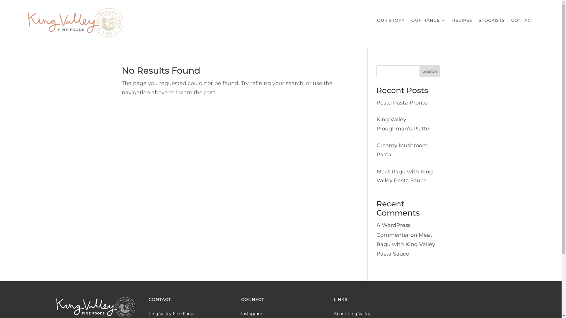 The width and height of the screenshot is (566, 318). I want to click on 'Search', so click(430, 71).